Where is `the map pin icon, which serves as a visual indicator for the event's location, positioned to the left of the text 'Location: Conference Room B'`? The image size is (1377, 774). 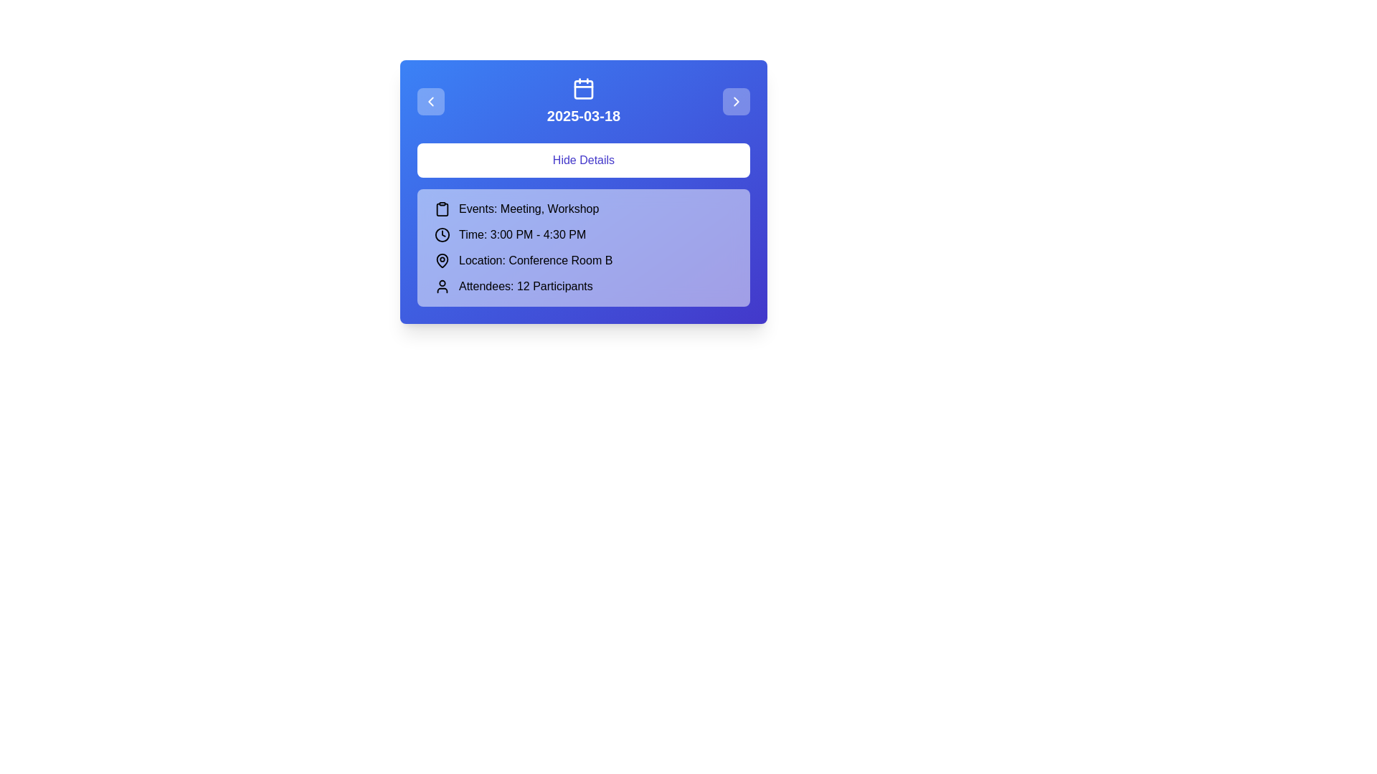 the map pin icon, which serves as a visual indicator for the event's location, positioned to the left of the text 'Location: Conference Room B' is located at coordinates (442, 259).